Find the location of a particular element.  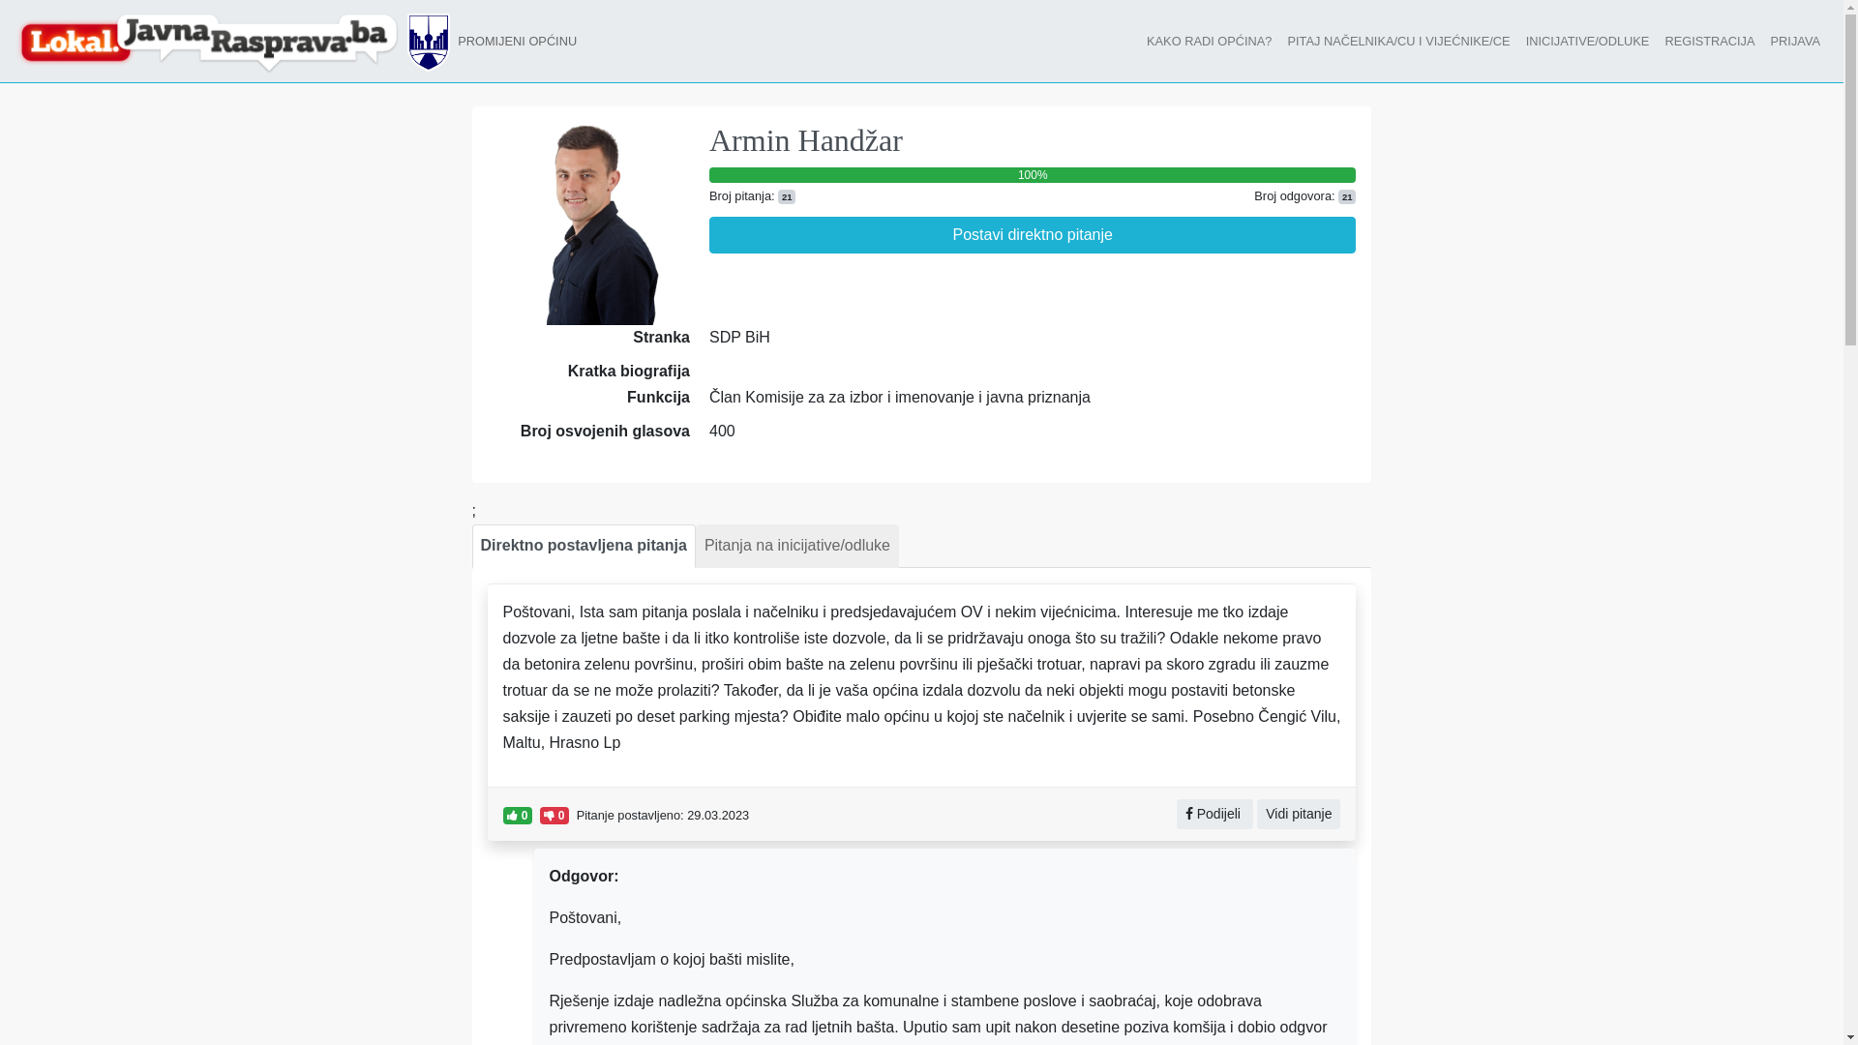

'0' is located at coordinates (539, 816).